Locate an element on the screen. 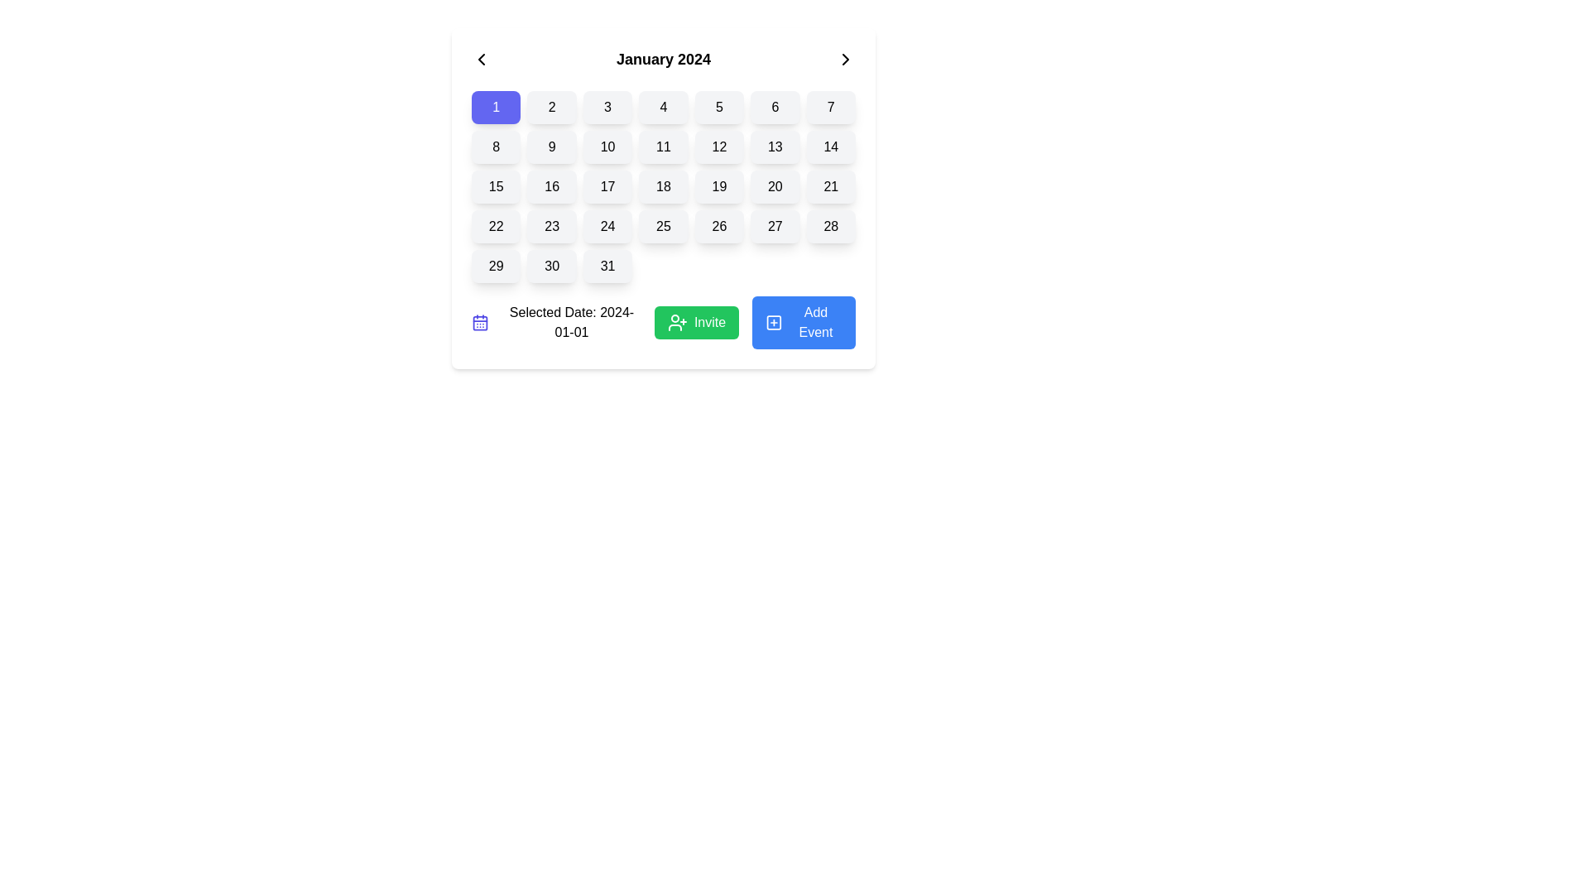 This screenshot has width=1589, height=894. the decorative SVG Rectangle Shape that is part of the calendar icon, positioned at the top left of the interface is located at coordinates (479, 323).